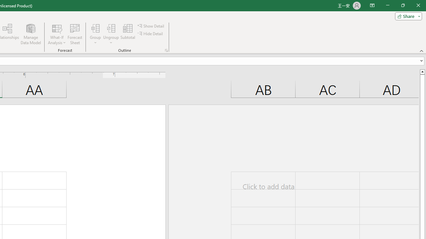  What do you see at coordinates (30, 34) in the screenshot?
I see `'Manage Data Model'` at bounding box center [30, 34].